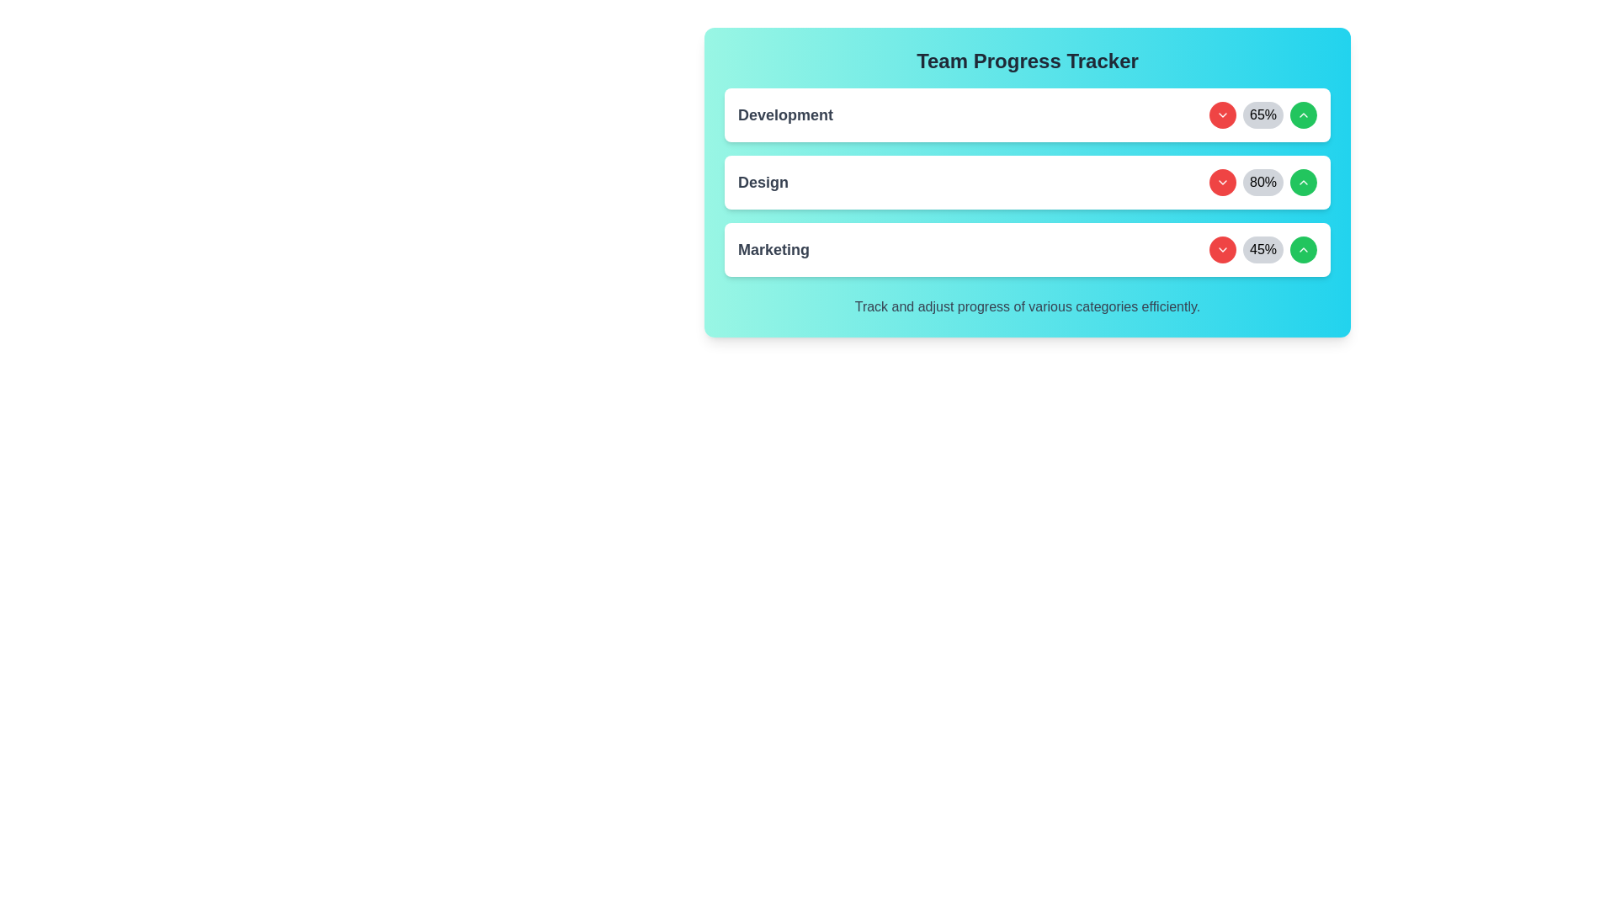 The image size is (1616, 909). What do you see at coordinates (1303, 250) in the screenshot?
I see `the green circular button with a chevron-up icon located on the far-right side of the 'Marketing' row in the 'Team Progress Tracker' section` at bounding box center [1303, 250].